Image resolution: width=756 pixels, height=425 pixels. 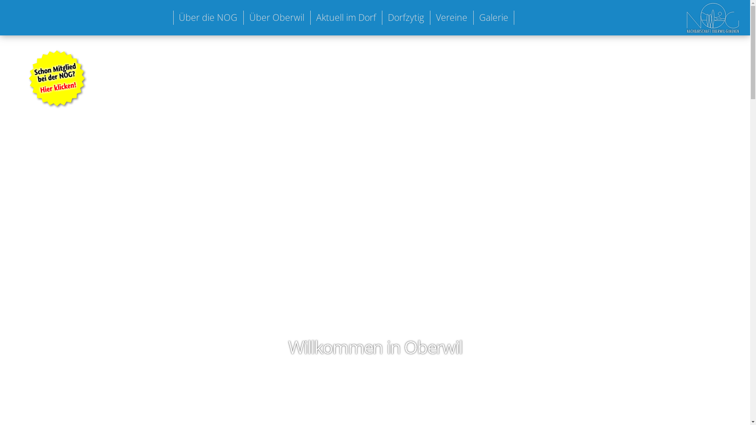 What do you see at coordinates (346, 18) in the screenshot?
I see `'Aktuell im Dorf'` at bounding box center [346, 18].